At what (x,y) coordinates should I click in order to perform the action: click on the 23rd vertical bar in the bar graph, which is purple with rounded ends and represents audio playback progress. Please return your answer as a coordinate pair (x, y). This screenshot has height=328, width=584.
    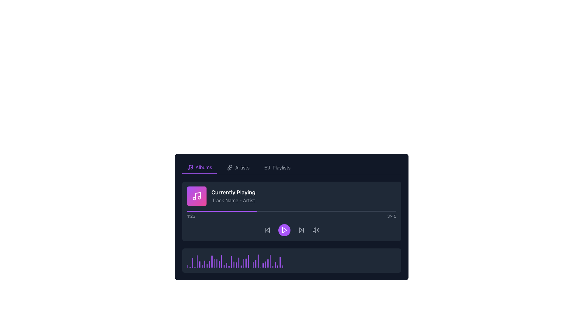
    Looking at the image, I should click on (238, 262).